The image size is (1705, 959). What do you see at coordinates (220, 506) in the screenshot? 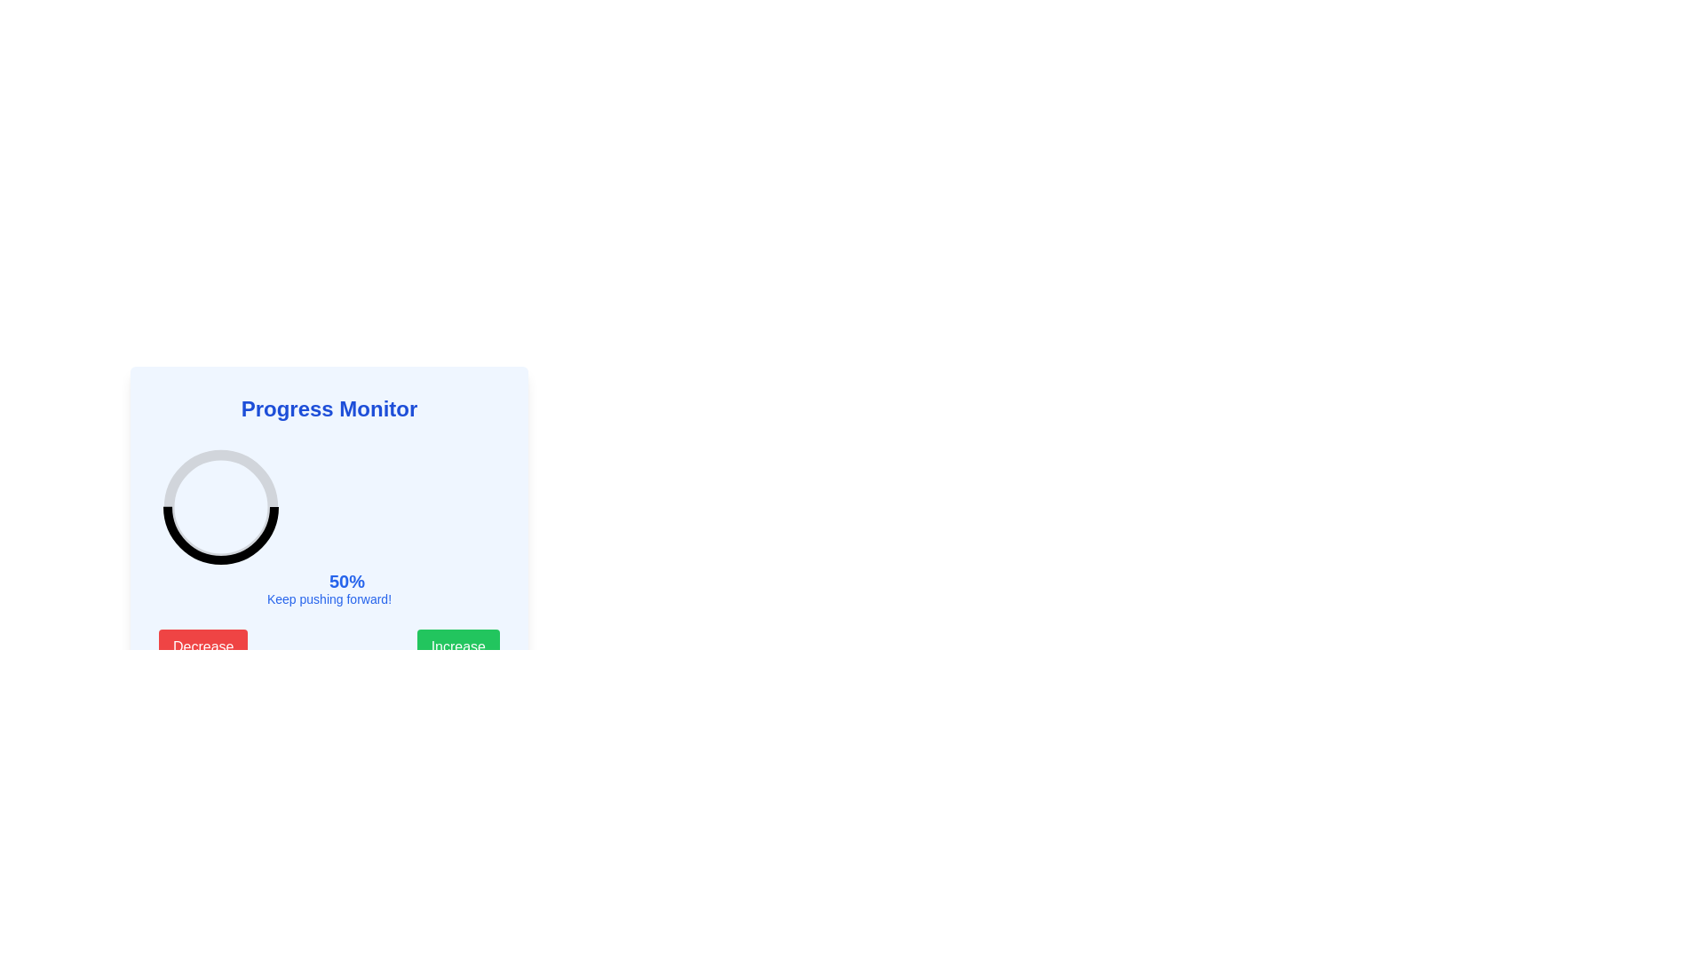
I see `the progress represented by the green-stroked Progress Arc located at the center of the card labeled 'Progress Monitor', positioned above the '50%' text` at bounding box center [220, 506].